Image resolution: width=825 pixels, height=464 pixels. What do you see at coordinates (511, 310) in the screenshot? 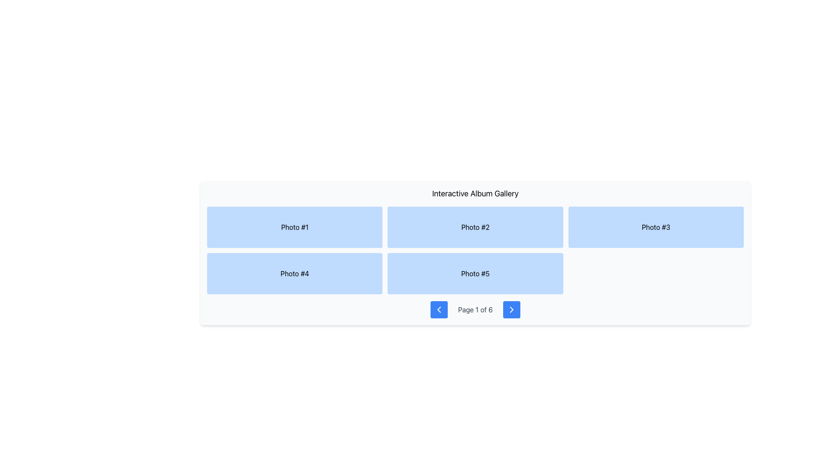
I see `the button containing the chevron SVG icon` at bounding box center [511, 310].